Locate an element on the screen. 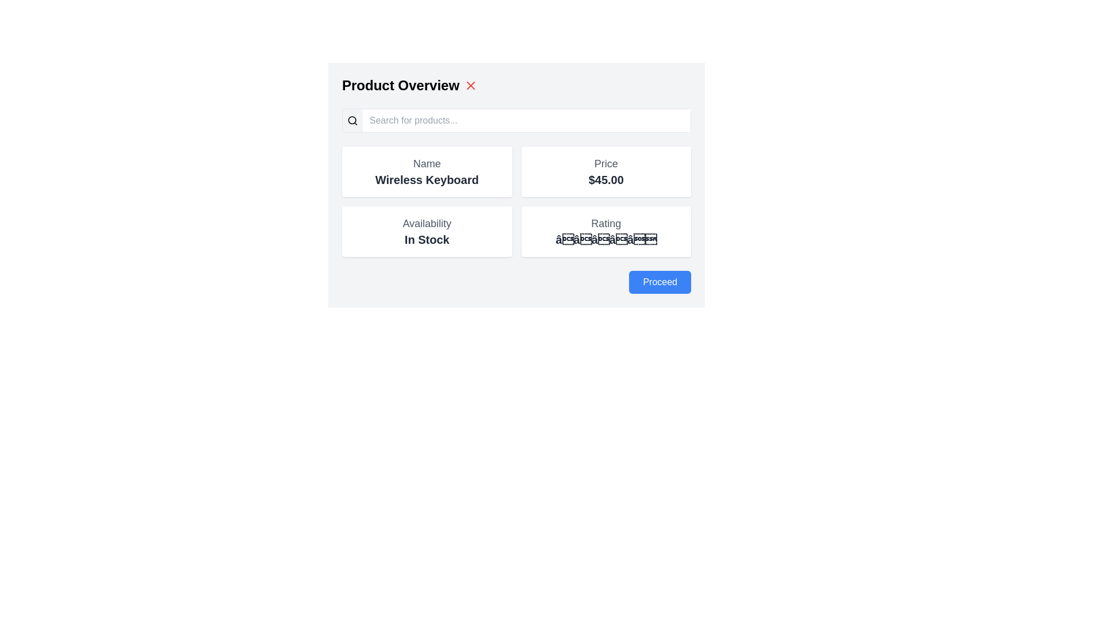 This screenshot has width=1104, height=621. the Text label indicating the status or availability of the product, located in the central lower part of the product details layout, above the text 'In Stock' is located at coordinates (426, 224).